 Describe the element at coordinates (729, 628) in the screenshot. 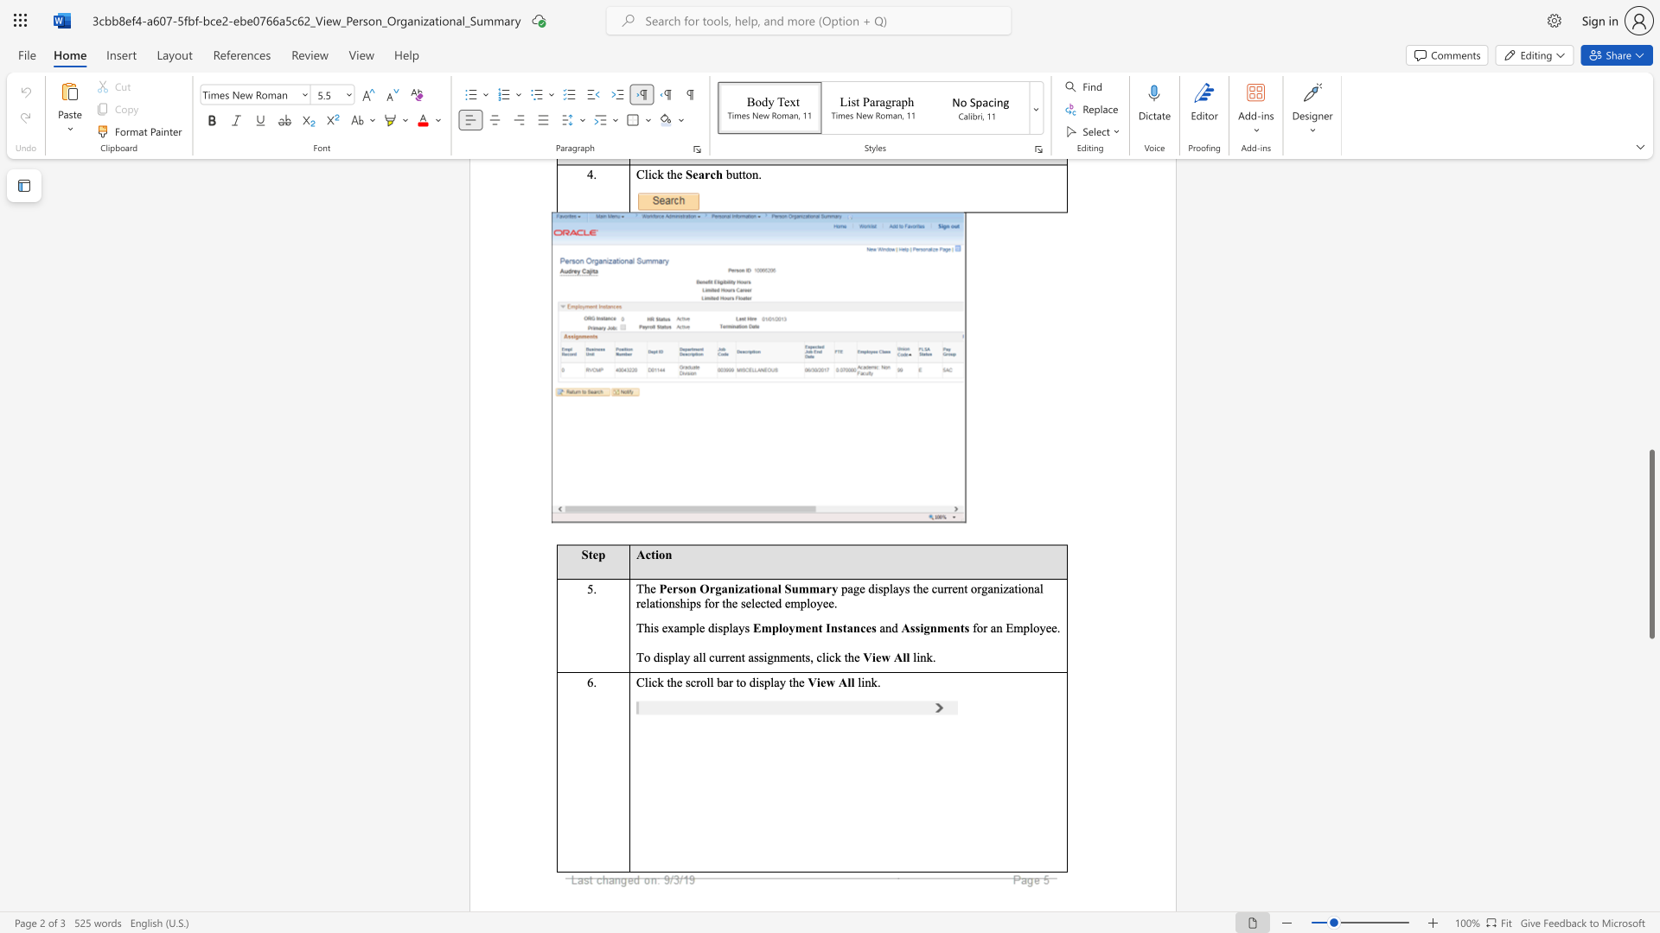

I see `the subset text "la" within the text "This example displays"` at that location.